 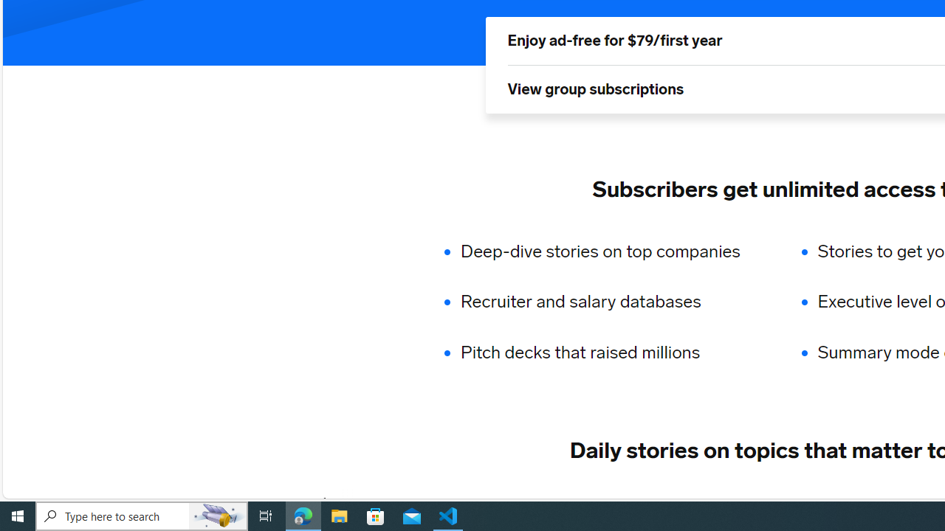 I want to click on 'Pitch decks that raised millions', so click(x=610, y=353).